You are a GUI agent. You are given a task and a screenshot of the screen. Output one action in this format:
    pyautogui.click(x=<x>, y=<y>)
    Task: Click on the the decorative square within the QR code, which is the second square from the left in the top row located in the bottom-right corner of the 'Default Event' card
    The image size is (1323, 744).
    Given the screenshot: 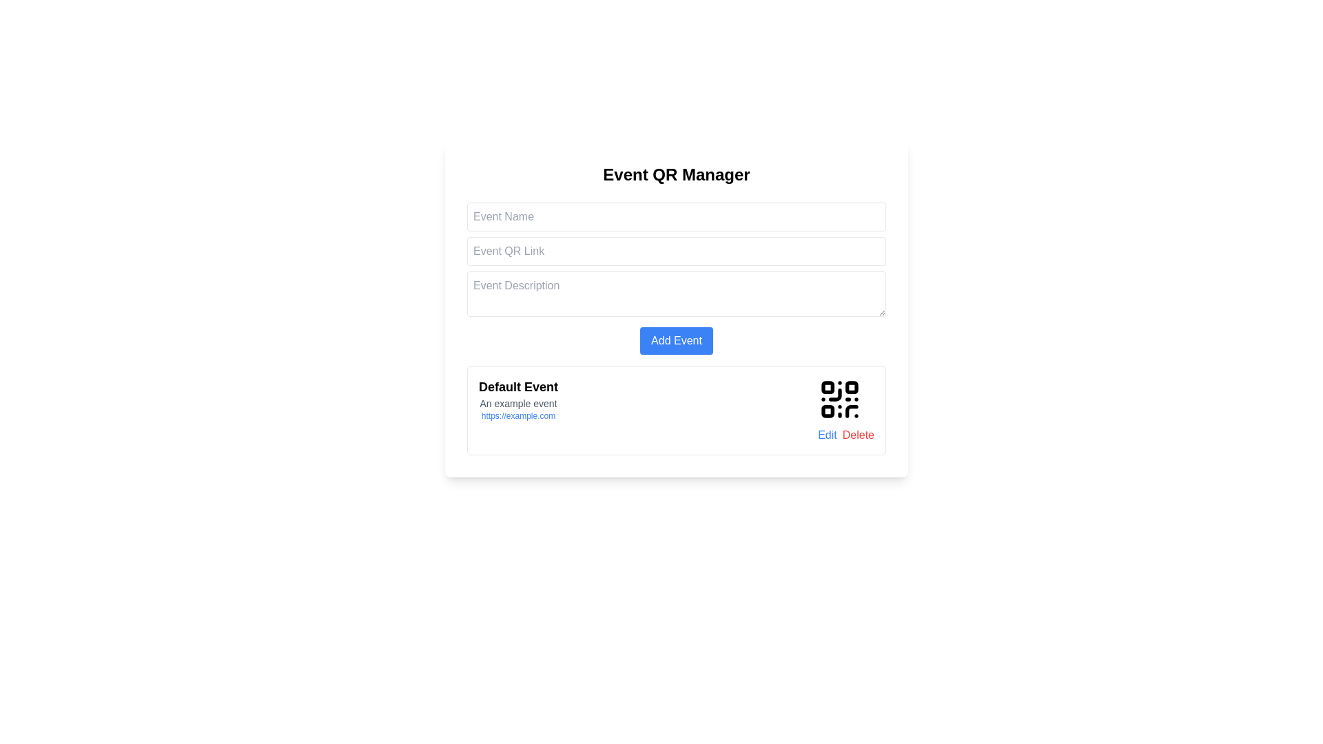 What is the action you would take?
    pyautogui.click(x=851, y=387)
    